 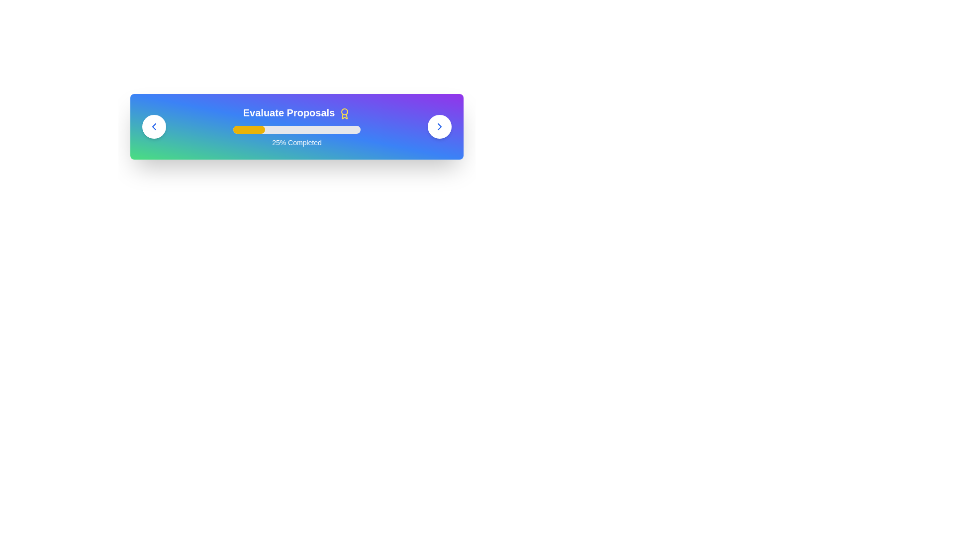 I want to click on the right-facing chevron icon with a blue stroke color, which is set against a white circular background, located at the rightmost side of the horizontal card-style interface, so click(x=439, y=126).